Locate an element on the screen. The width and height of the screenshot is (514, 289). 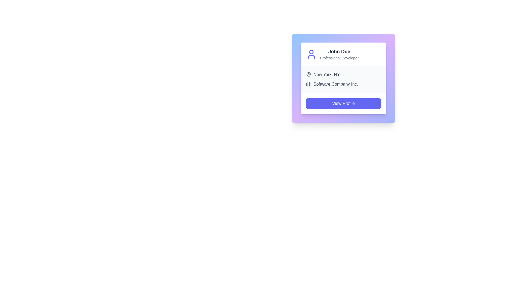
the text element displaying 'John Doe', which is styled in bold, larger font and positioned at the top of the profile card, above the 'Professional Developer' descriptor is located at coordinates (339, 51).